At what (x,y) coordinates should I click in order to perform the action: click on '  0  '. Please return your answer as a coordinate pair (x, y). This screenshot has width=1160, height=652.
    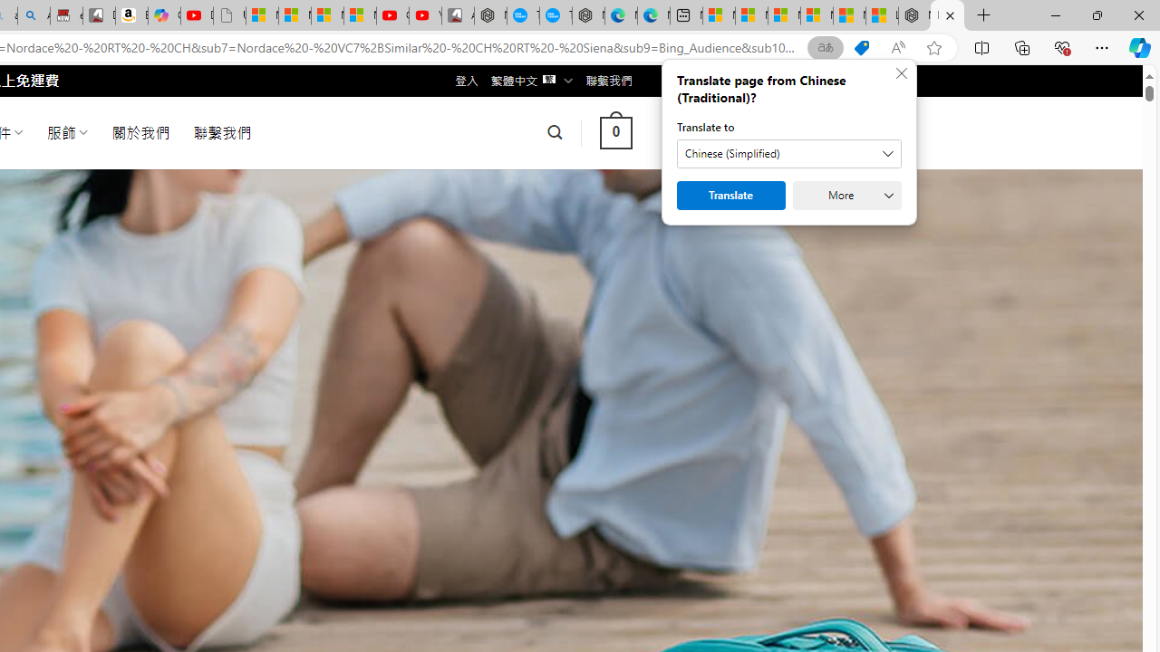
    Looking at the image, I should click on (615, 131).